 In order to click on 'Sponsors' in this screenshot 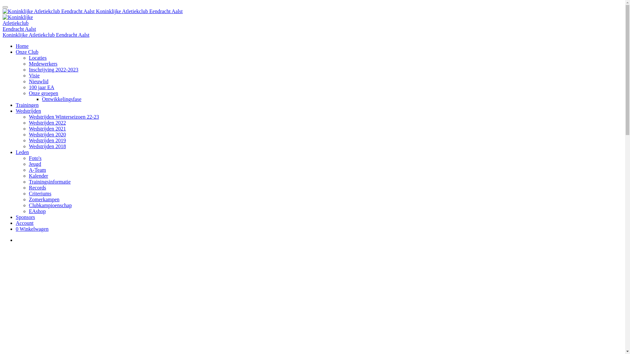, I will do `click(25, 217)`.